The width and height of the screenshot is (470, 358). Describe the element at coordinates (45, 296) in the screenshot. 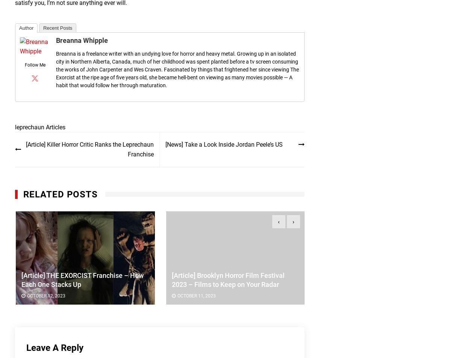

I see `'October 12, 2023'` at that location.